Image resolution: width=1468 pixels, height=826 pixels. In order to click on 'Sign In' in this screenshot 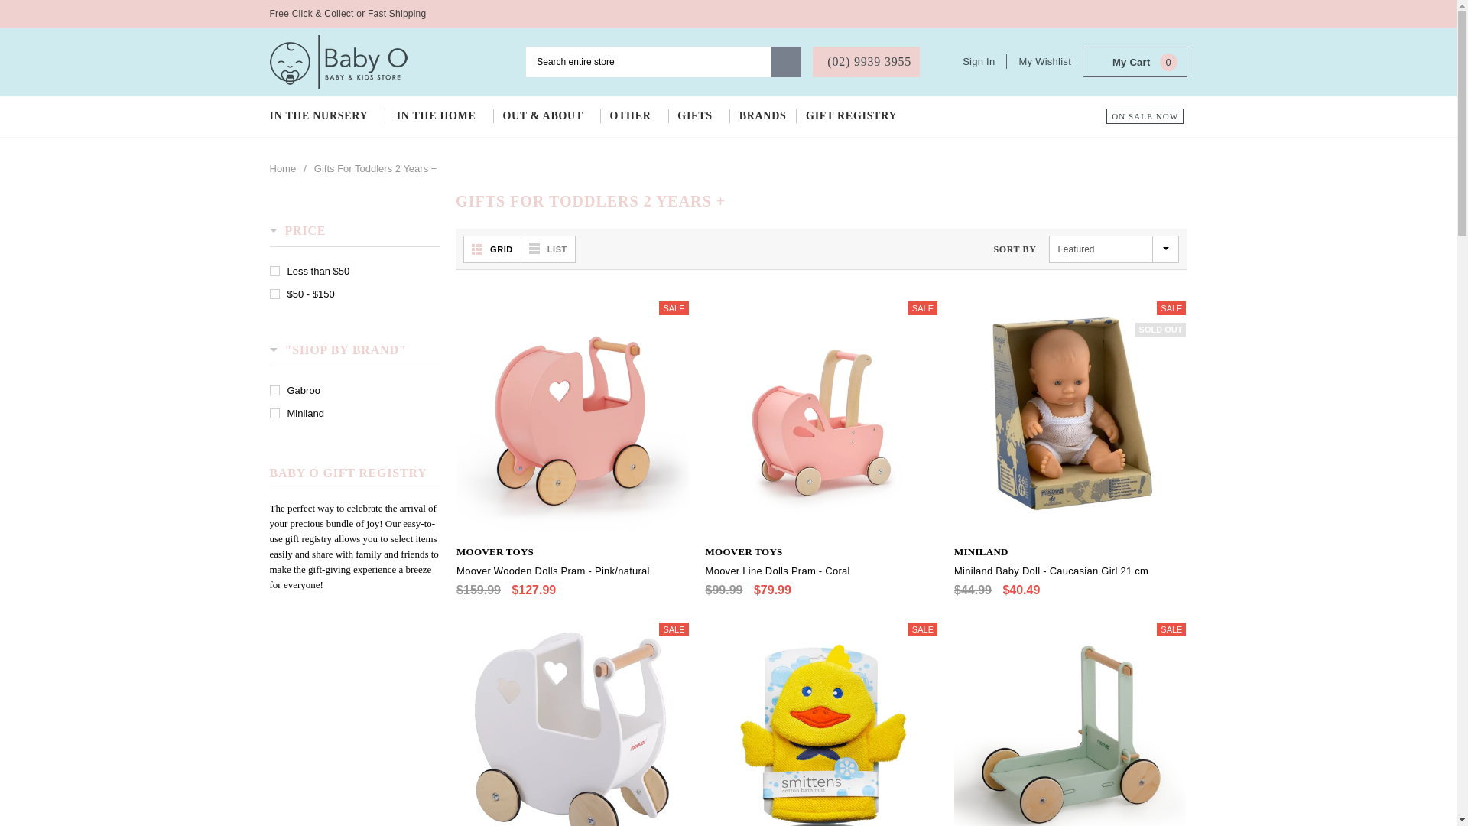, I will do `click(984, 60)`.